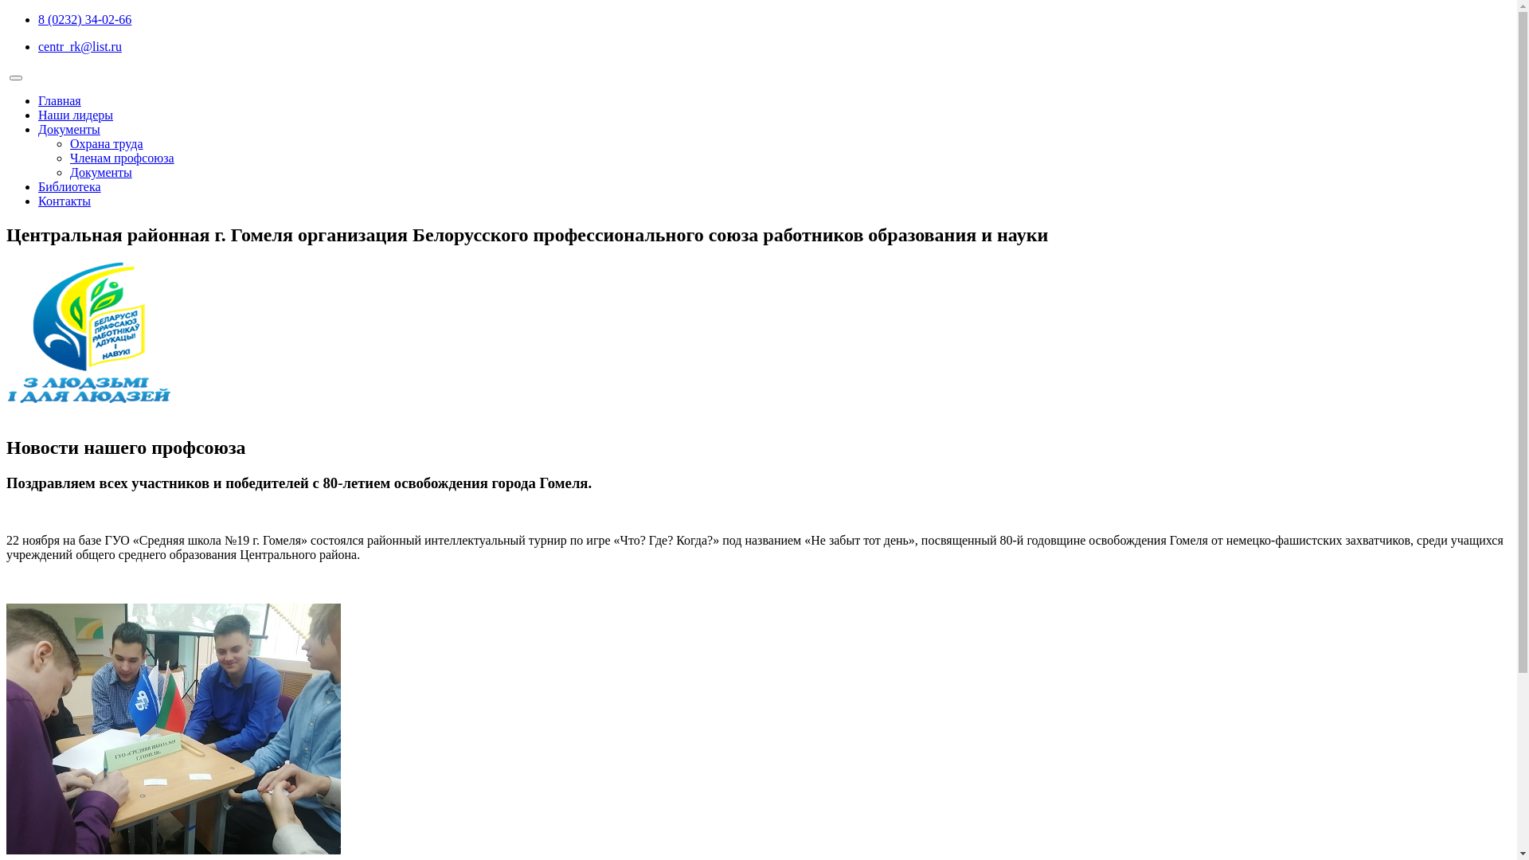 Image resolution: width=1529 pixels, height=860 pixels. What do you see at coordinates (79, 45) in the screenshot?
I see `'centr_rk@list.ru'` at bounding box center [79, 45].